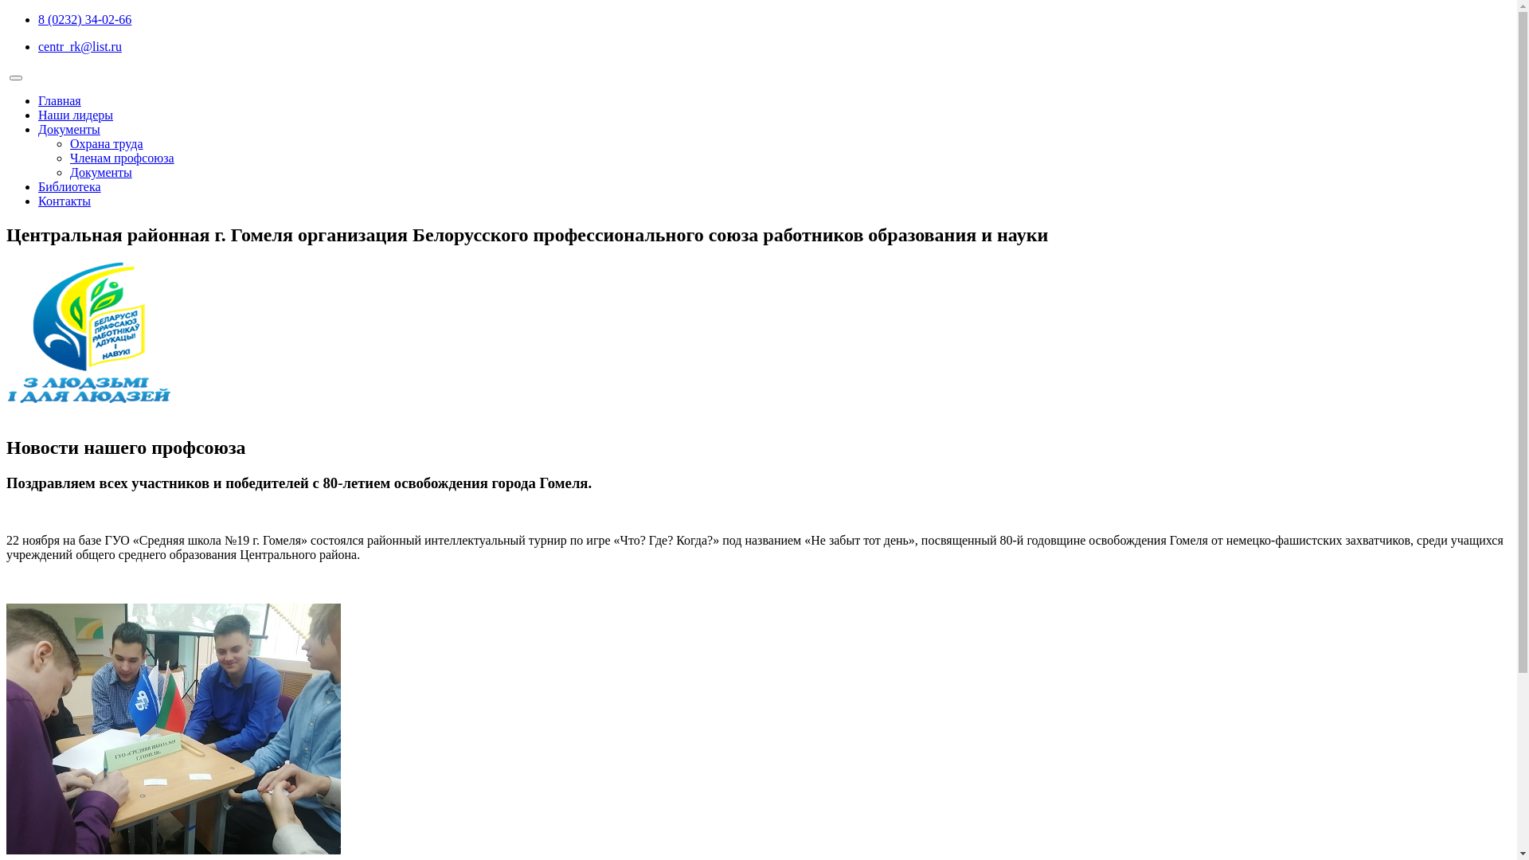 Image resolution: width=1529 pixels, height=860 pixels. What do you see at coordinates (79, 45) in the screenshot?
I see `'centr_rk@list.ru'` at bounding box center [79, 45].